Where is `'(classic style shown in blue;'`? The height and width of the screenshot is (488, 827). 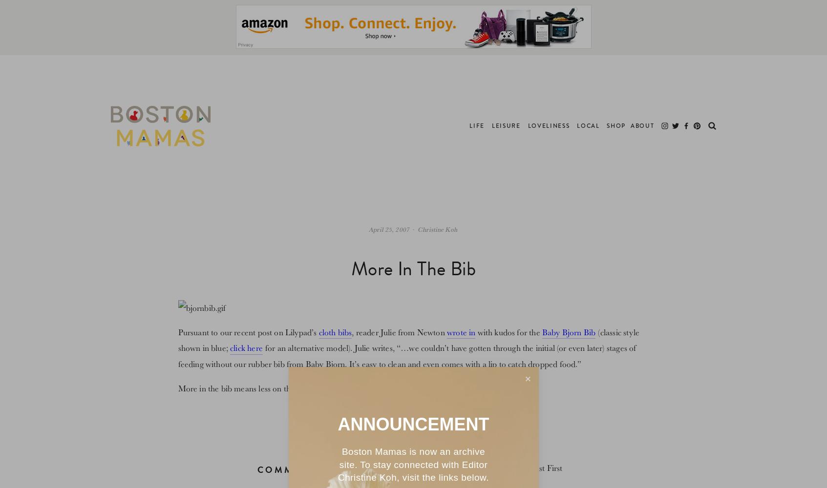
'(classic style shown in blue;' is located at coordinates (408, 339).